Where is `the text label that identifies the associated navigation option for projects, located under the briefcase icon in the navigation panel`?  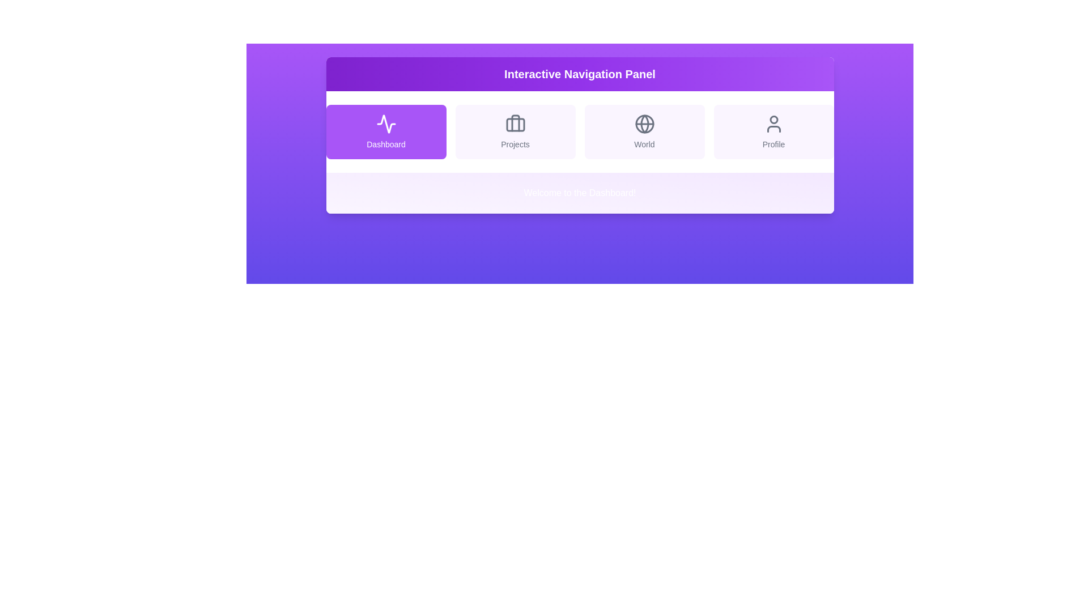 the text label that identifies the associated navigation option for projects, located under the briefcase icon in the navigation panel is located at coordinates (515, 143).